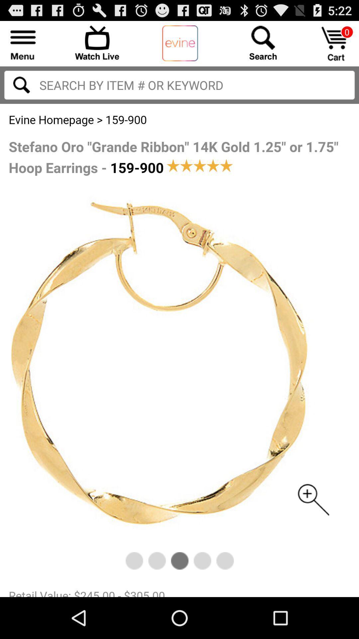 The height and width of the screenshot is (639, 359). What do you see at coordinates (179, 85) in the screenshot?
I see `search` at bounding box center [179, 85].